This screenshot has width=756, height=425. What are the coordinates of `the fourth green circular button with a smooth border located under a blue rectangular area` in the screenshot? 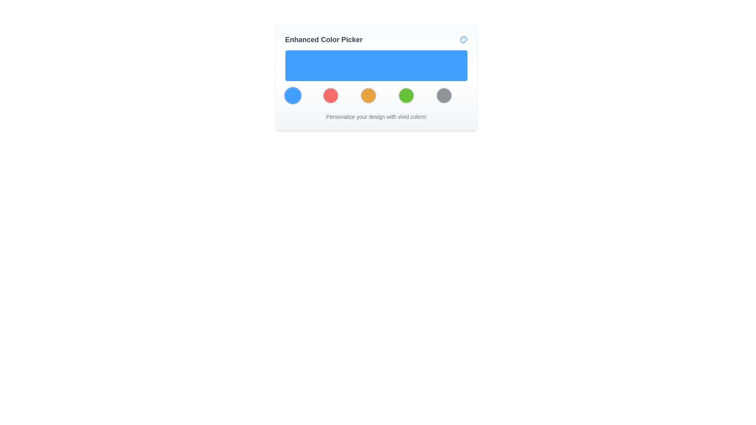 It's located at (406, 95).